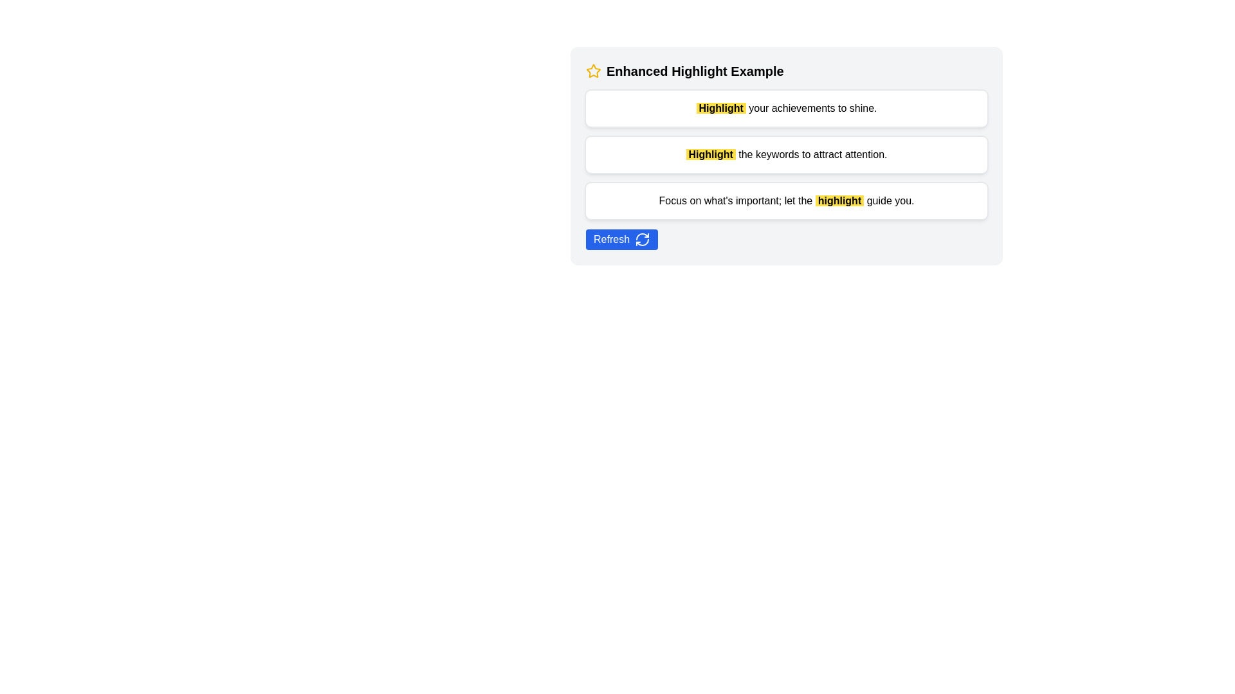 The height and width of the screenshot is (694, 1235). What do you see at coordinates (786, 154) in the screenshot?
I see `the text content block that highlights important achievements and keywords, located centrally within the 'Enhanced Highlight Example' grouping box` at bounding box center [786, 154].